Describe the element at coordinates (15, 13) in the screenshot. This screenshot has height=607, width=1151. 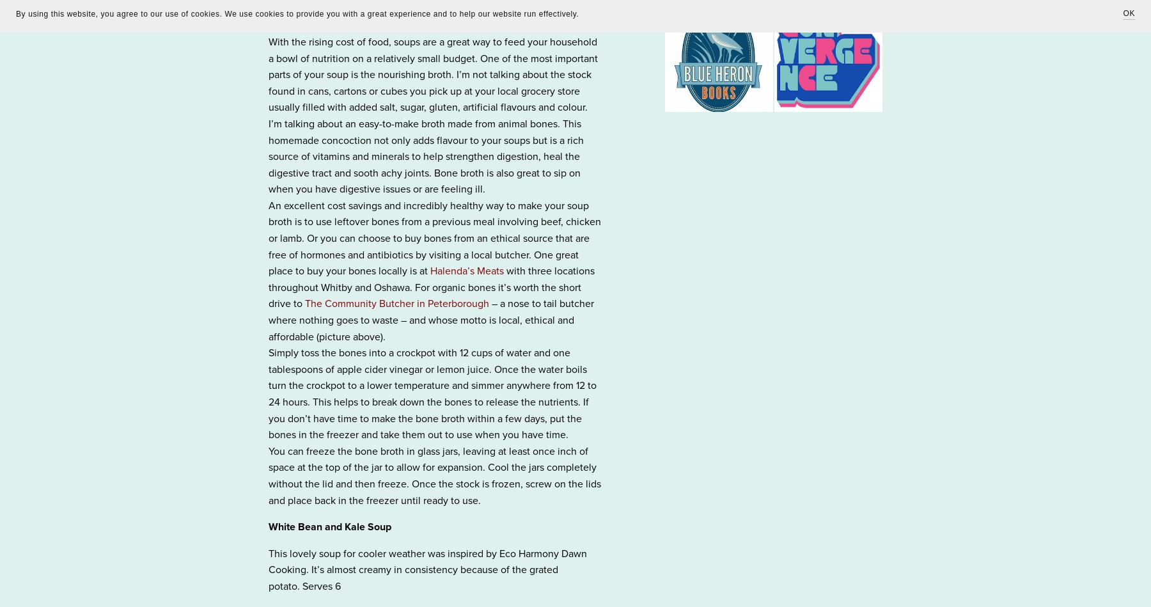
I see `'By using this website, you agree to our use of cookies. We use cookies to provide you with a great experience and to help our website run effectively.'` at that location.